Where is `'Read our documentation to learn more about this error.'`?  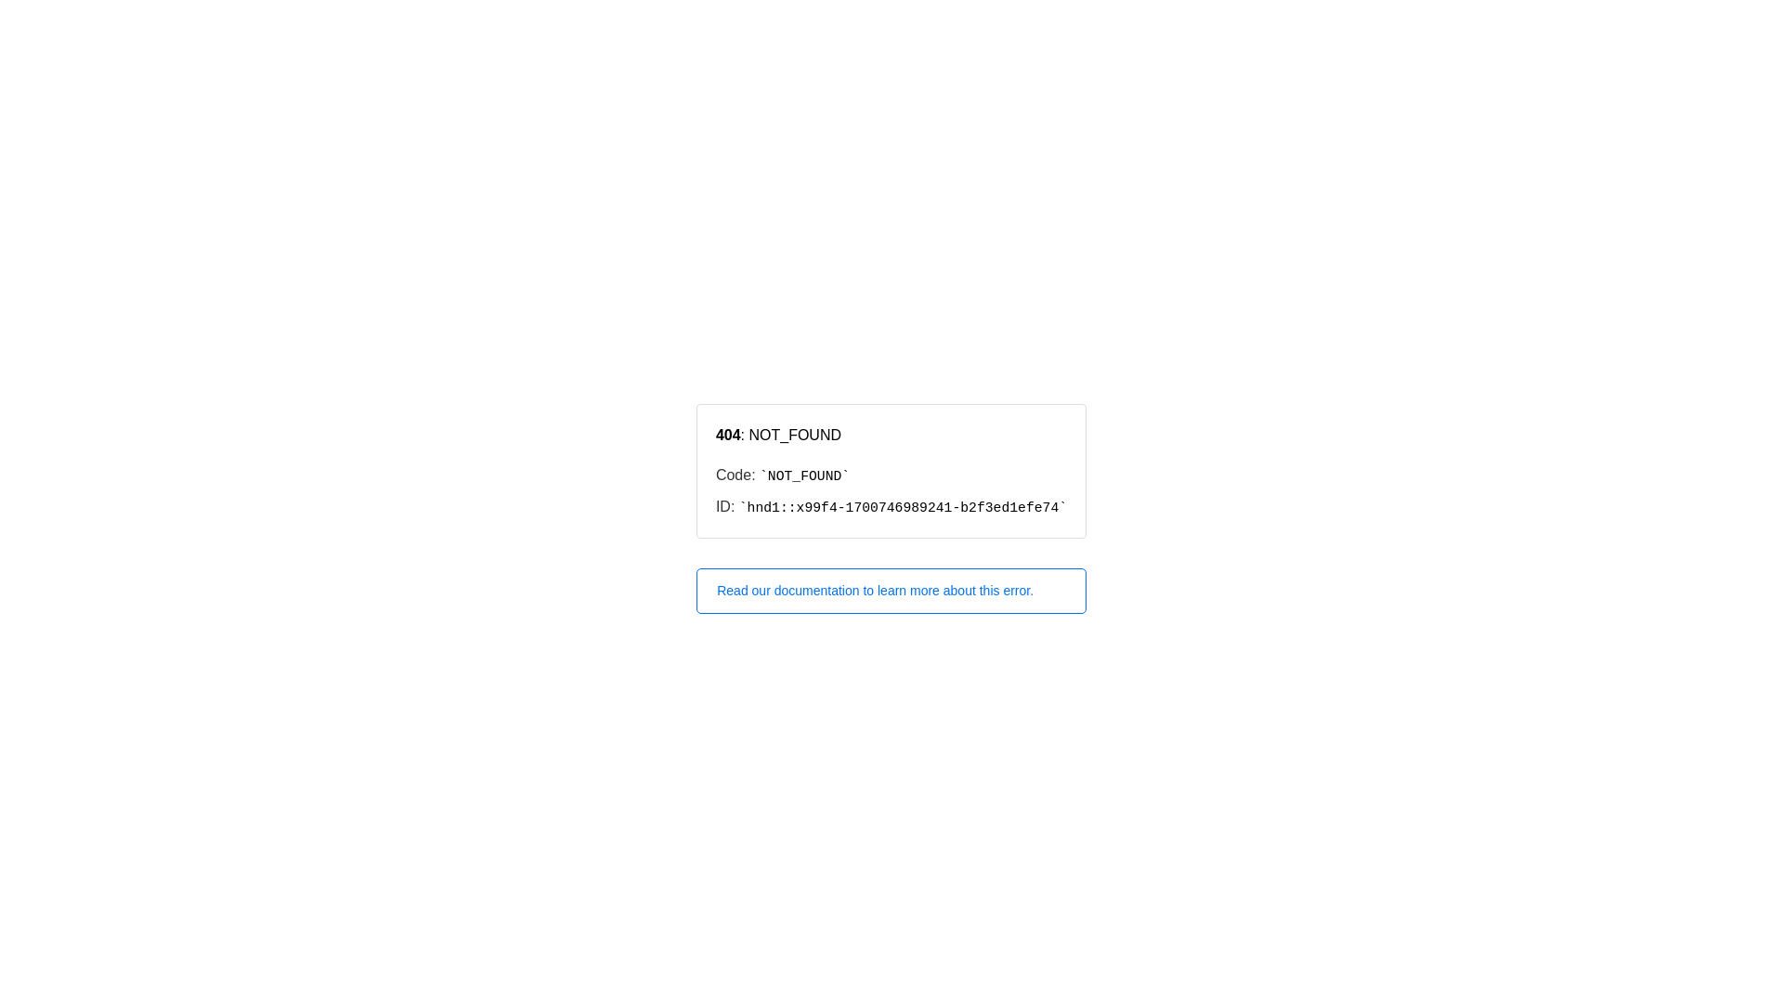
'Read our documentation to learn more about this error.' is located at coordinates (891, 591).